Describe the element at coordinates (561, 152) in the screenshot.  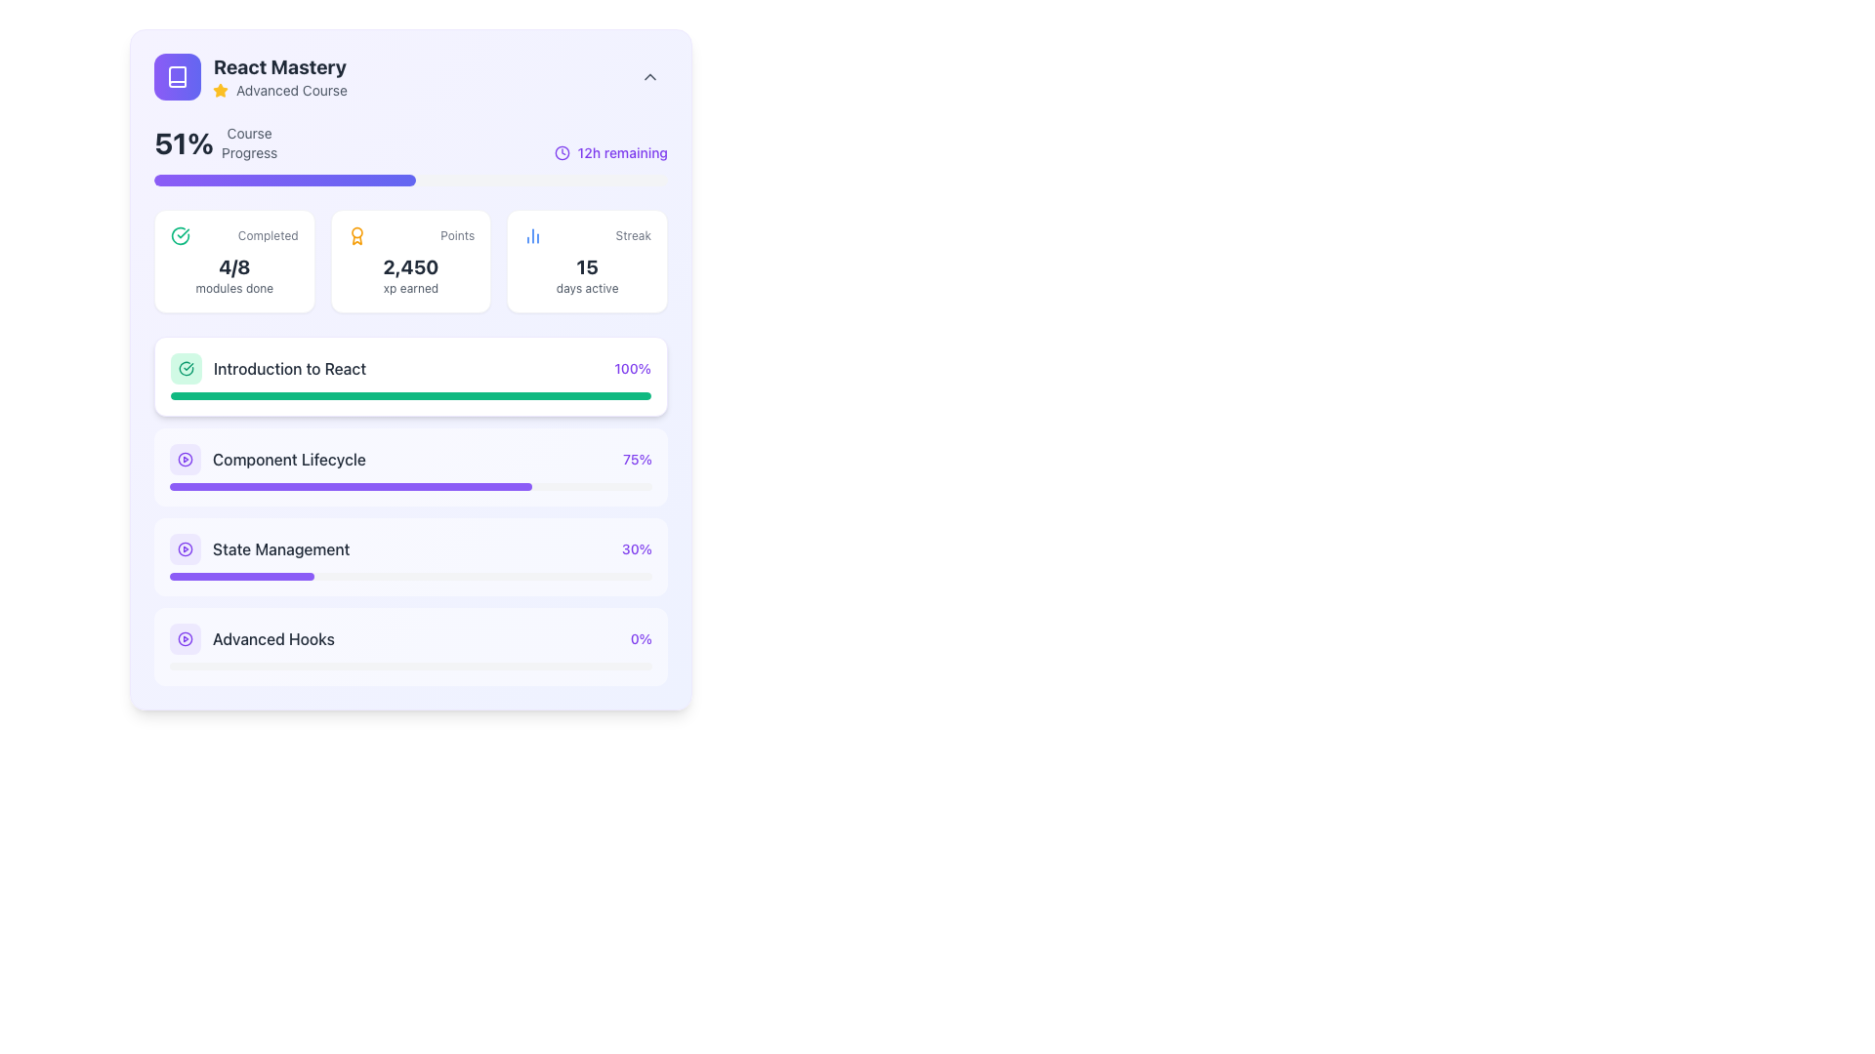
I see `the countdown icon that visually represents the passage of time, located to the left of the text label '12h remaining'` at that location.